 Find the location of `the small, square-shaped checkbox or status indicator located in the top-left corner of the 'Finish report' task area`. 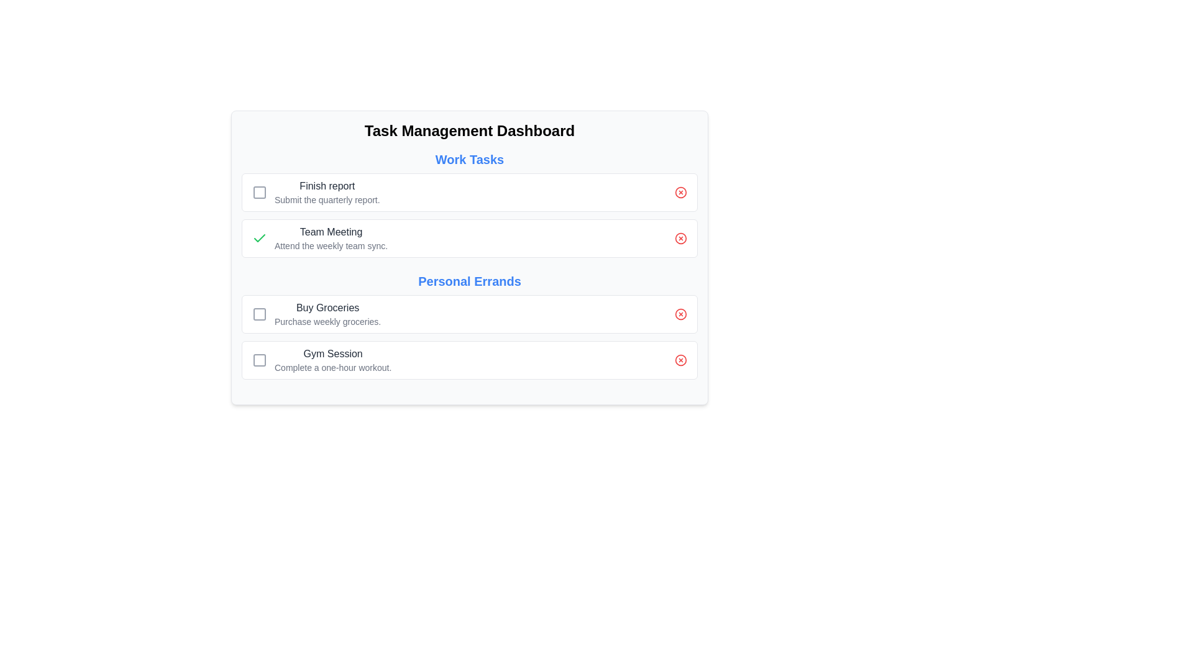

the small, square-shaped checkbox or status indicator located in the top-left corner of the 'Finish report' task area is located at coordinates (258, 192).